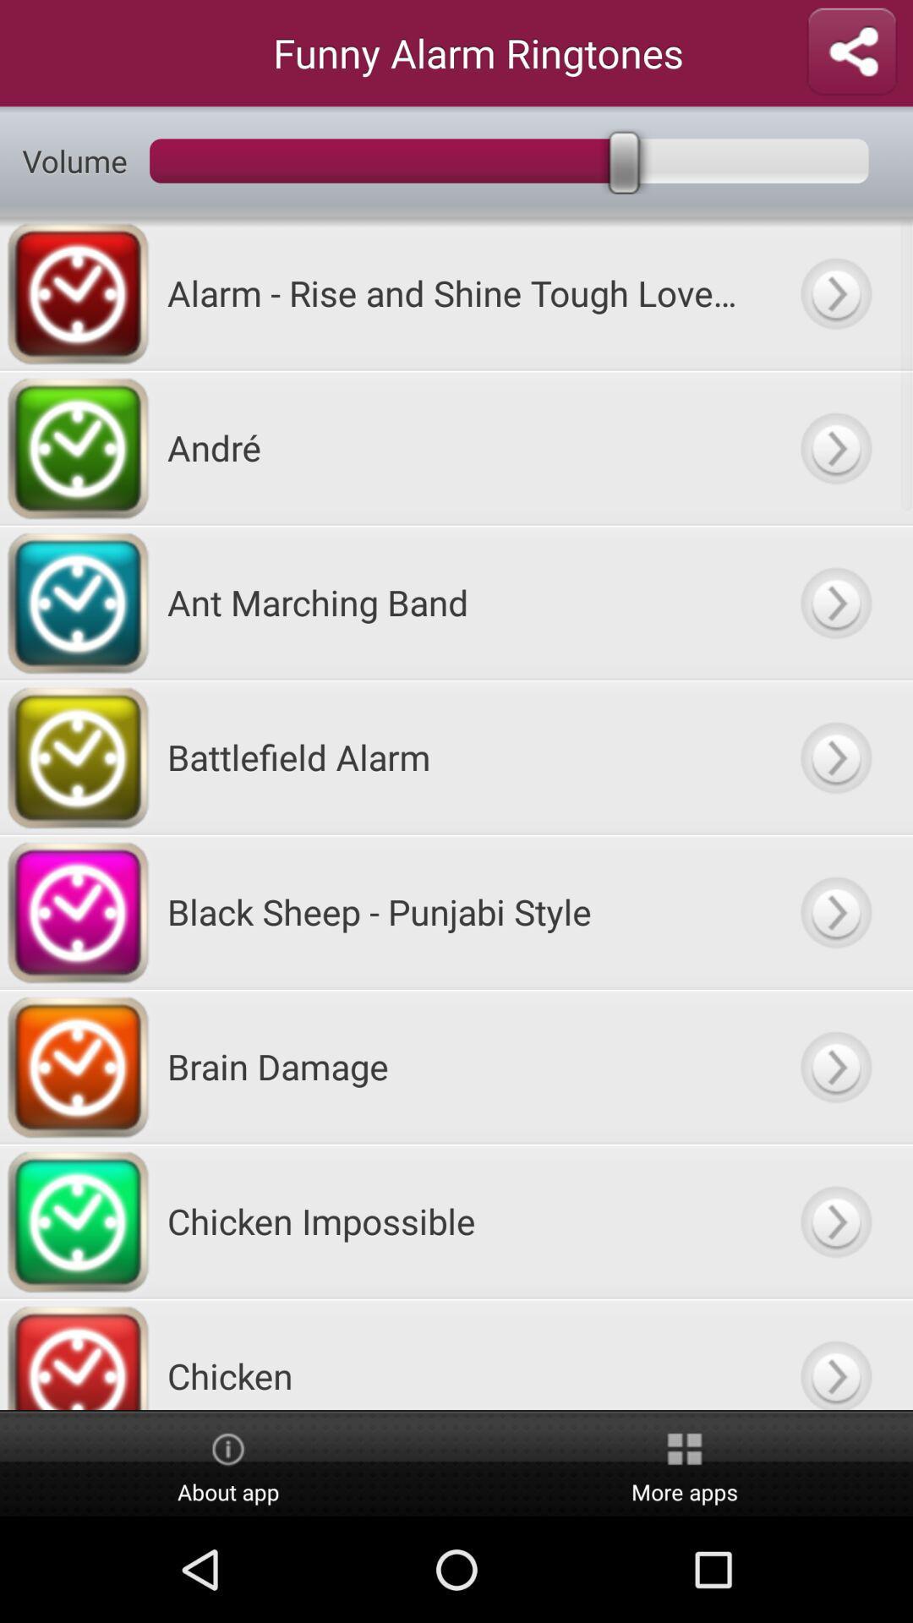 The image size is (913, 1623). What do you see at coordinates (834, 1065) in the screenshot?
I see `go back` at bounding box center [834, 1065].